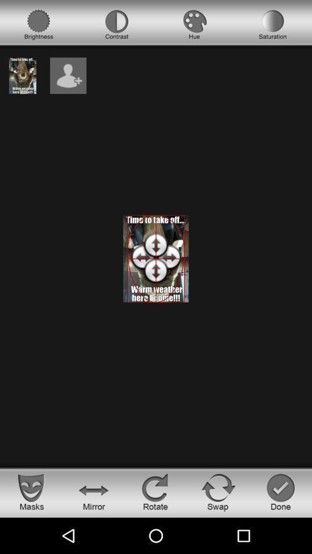  What do you see at coordinates (23, 75) in the screenshot?
I see `open image` at bounding box center [23, 75].